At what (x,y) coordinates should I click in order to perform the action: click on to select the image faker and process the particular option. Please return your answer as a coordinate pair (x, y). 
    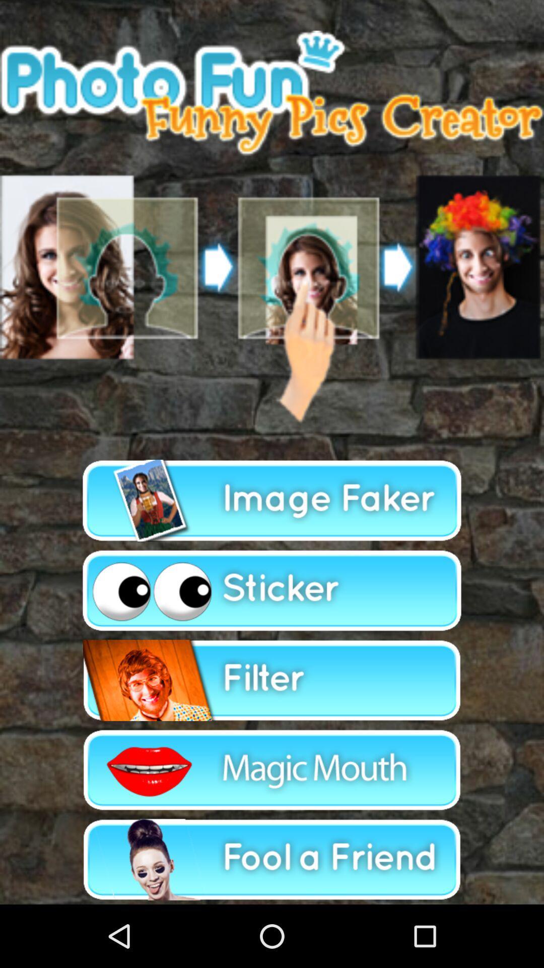
    Looking at the image, I should click on (272, 501).